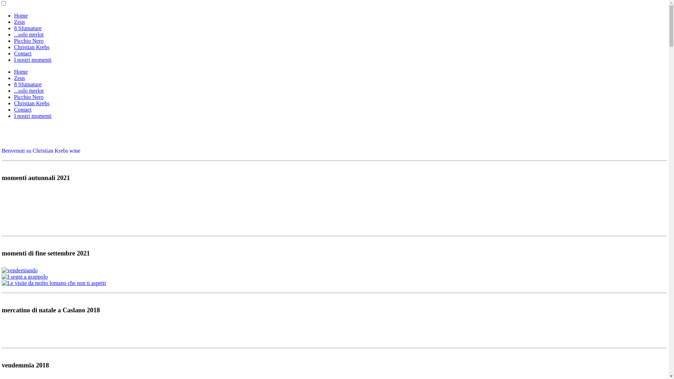 Image resolution: width=674 pixels, height=379 pixels. Describe the element at coordinates (28, 97) in the screenshot. I see `'Picchio Nero'` at that location.